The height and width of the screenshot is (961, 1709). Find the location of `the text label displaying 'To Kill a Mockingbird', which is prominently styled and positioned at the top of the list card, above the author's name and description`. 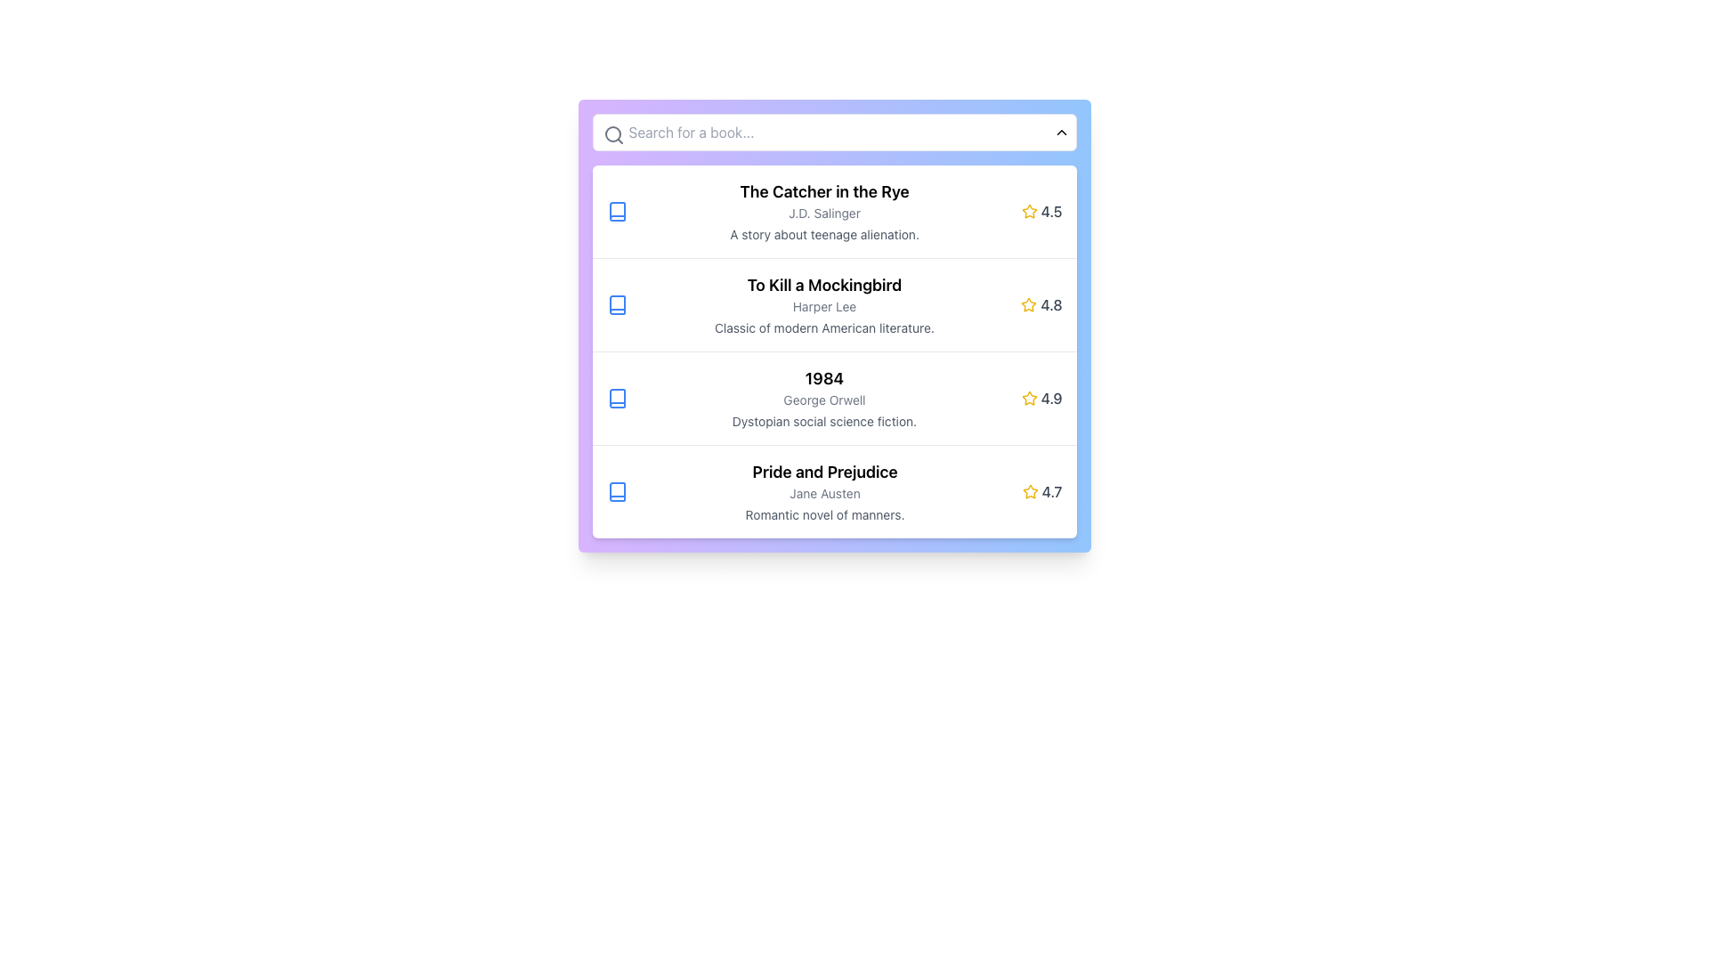

the text label displaying 'To Kill a Mockingbird', which is prominently styled and positioned at the top of the list card, above the author's name and description is located at coordinates (823, 284).